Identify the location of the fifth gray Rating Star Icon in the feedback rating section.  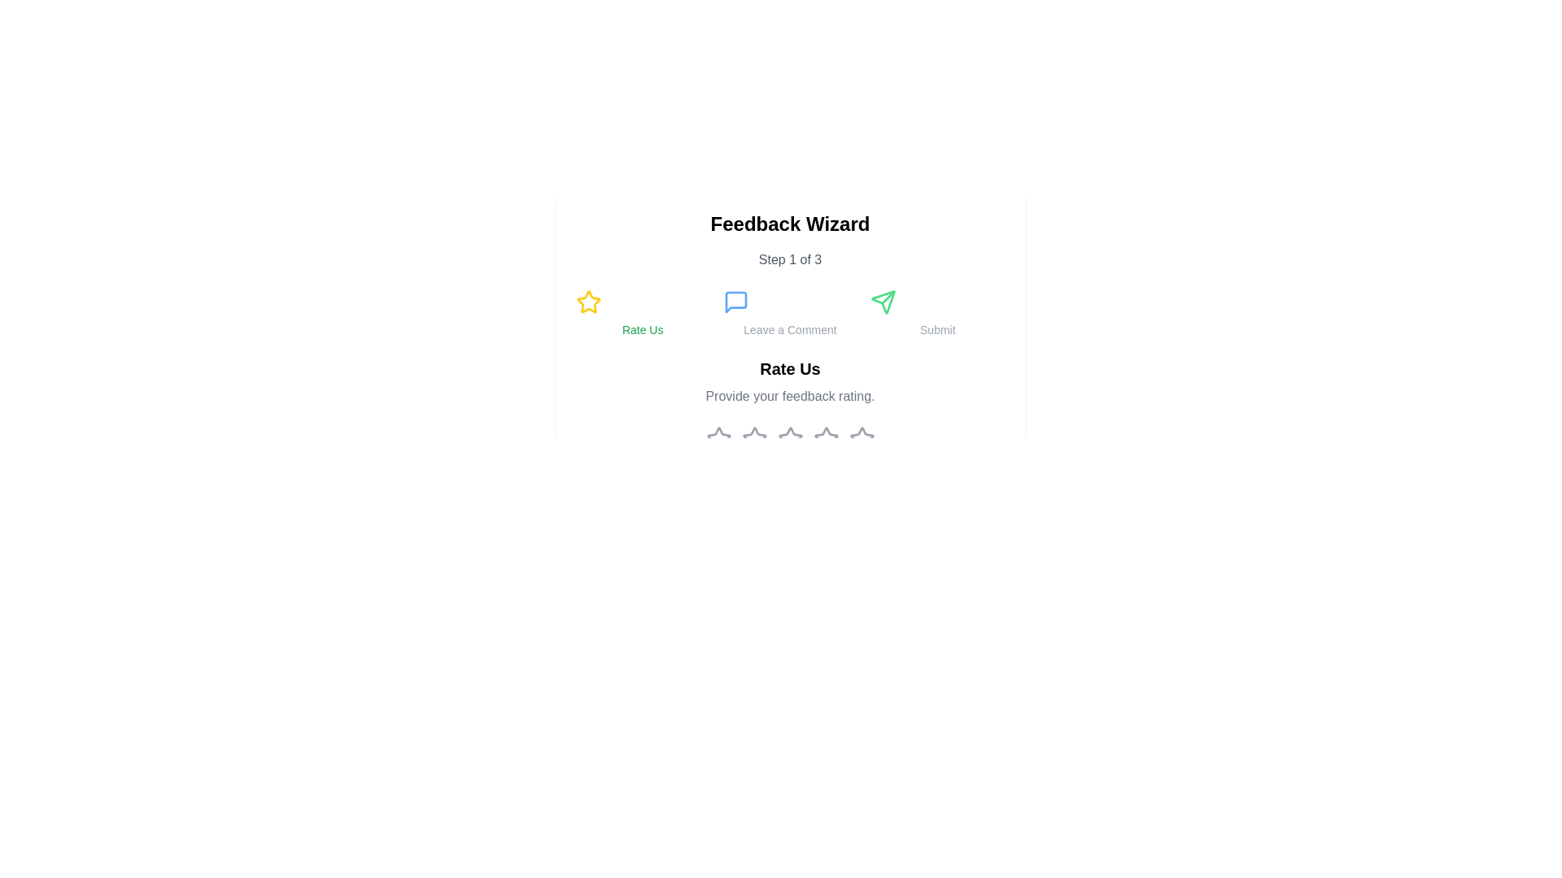
(826, 437).